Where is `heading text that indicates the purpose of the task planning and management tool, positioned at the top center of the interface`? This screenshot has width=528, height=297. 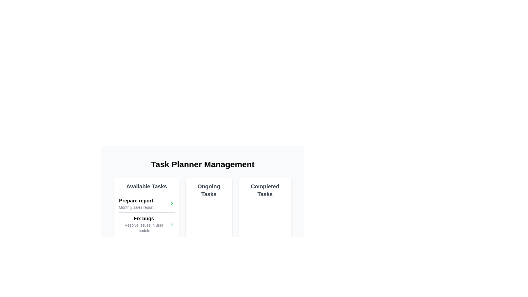
heading text that indicates the purpose of the task planning and management tool, positioned at the top center of the interface is located at coordinates (202, 164).